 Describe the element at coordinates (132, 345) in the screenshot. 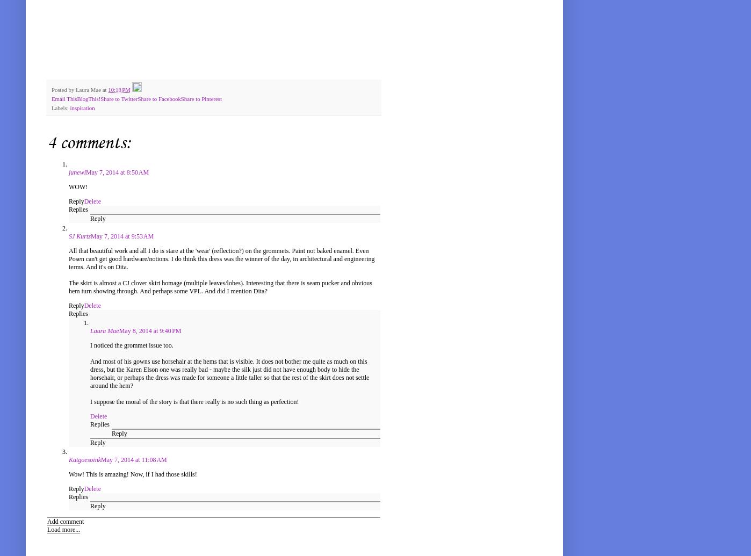

I see `'I noticed the grommet issue too.'` at that location.